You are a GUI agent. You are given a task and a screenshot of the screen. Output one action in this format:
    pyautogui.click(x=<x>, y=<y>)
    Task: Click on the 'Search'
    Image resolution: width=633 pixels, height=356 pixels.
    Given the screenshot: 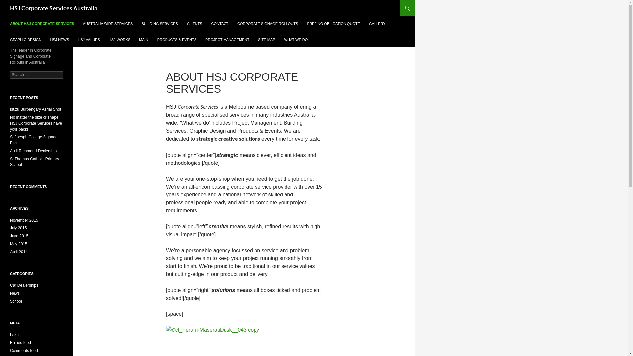 What is the action you would take?
    pyautogui.click(x=13, y=4)
    